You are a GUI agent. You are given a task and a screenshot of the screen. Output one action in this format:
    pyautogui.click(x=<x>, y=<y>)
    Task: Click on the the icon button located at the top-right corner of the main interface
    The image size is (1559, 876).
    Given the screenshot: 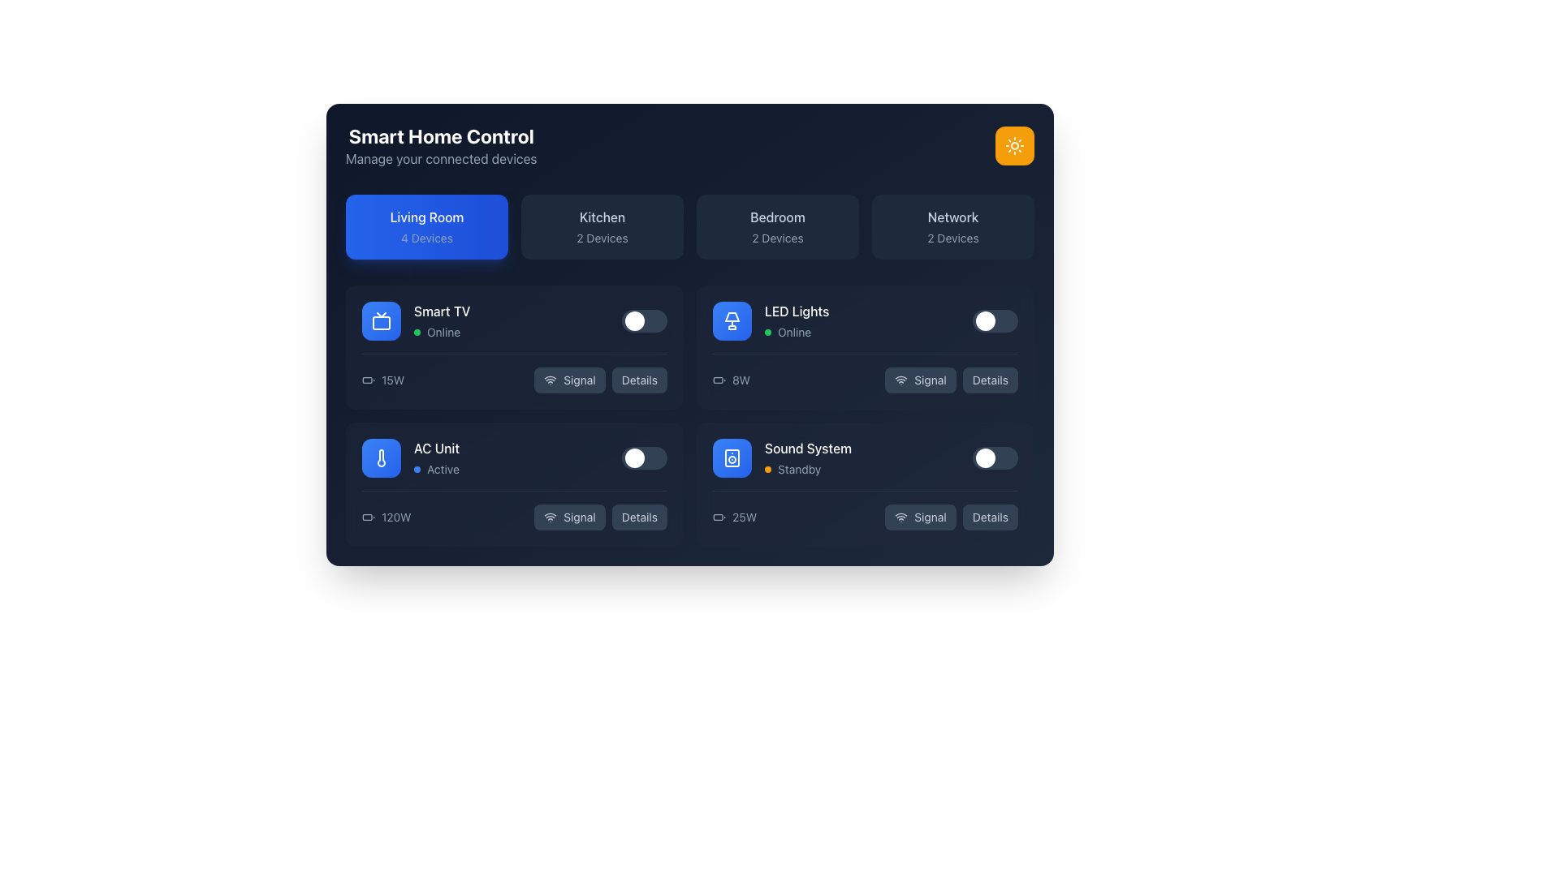 What is the action you would take?
    pyautogui.click(x=1013, y=146)
    